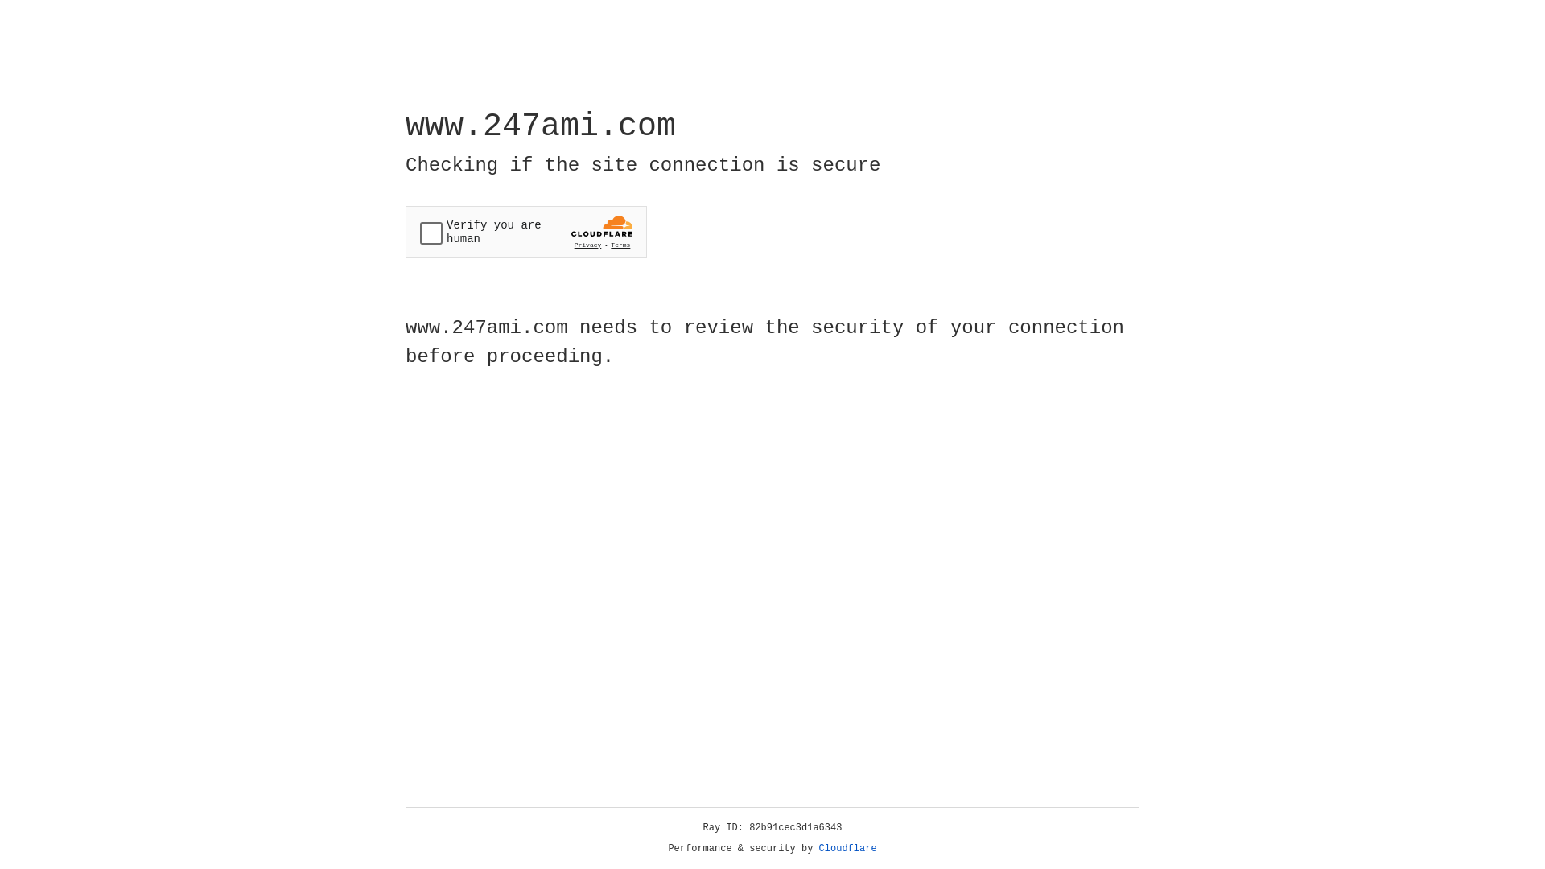  What do you see at coordinates (818, 848) in the screenshot?
I see `'Cloudflare'` at bounding box center [818, 848].